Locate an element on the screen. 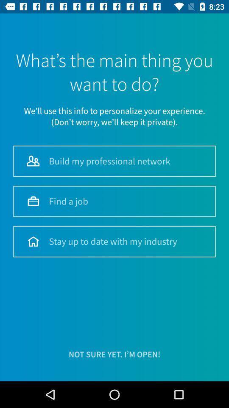 The width and height of the screenshot is (229, 408). the icon below the stay up to icon is located at coordinates (114, 354).